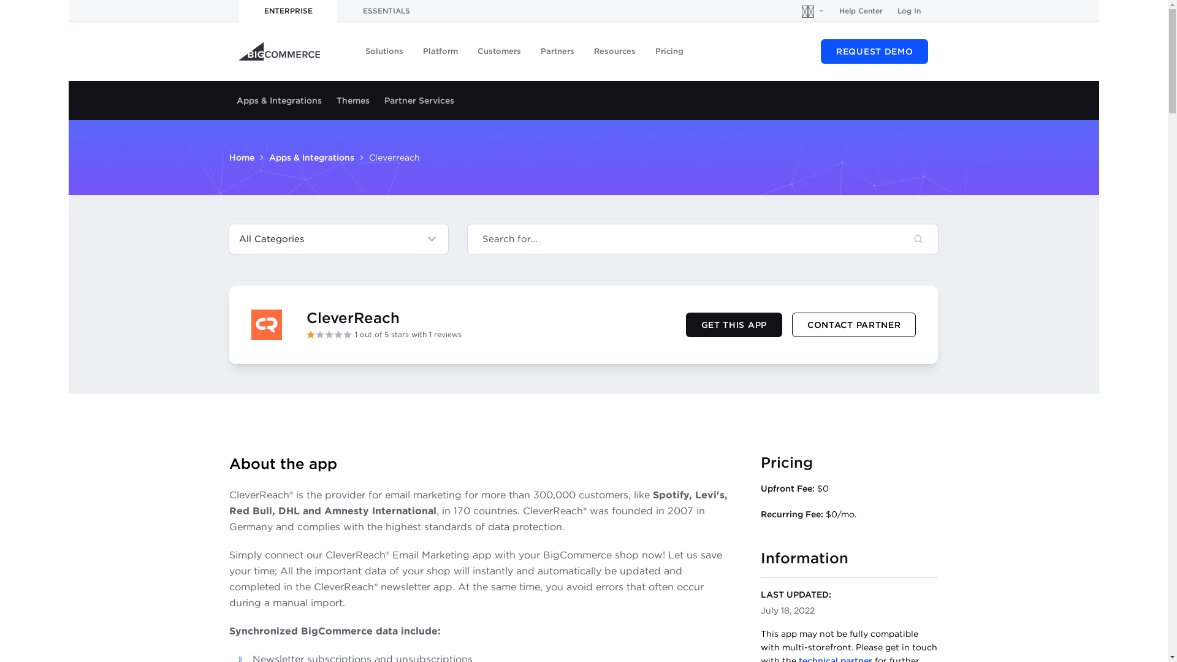 The width and height of the screenshot is (1177, 662). I want to click on 'Partner Services', so click(419, 100).